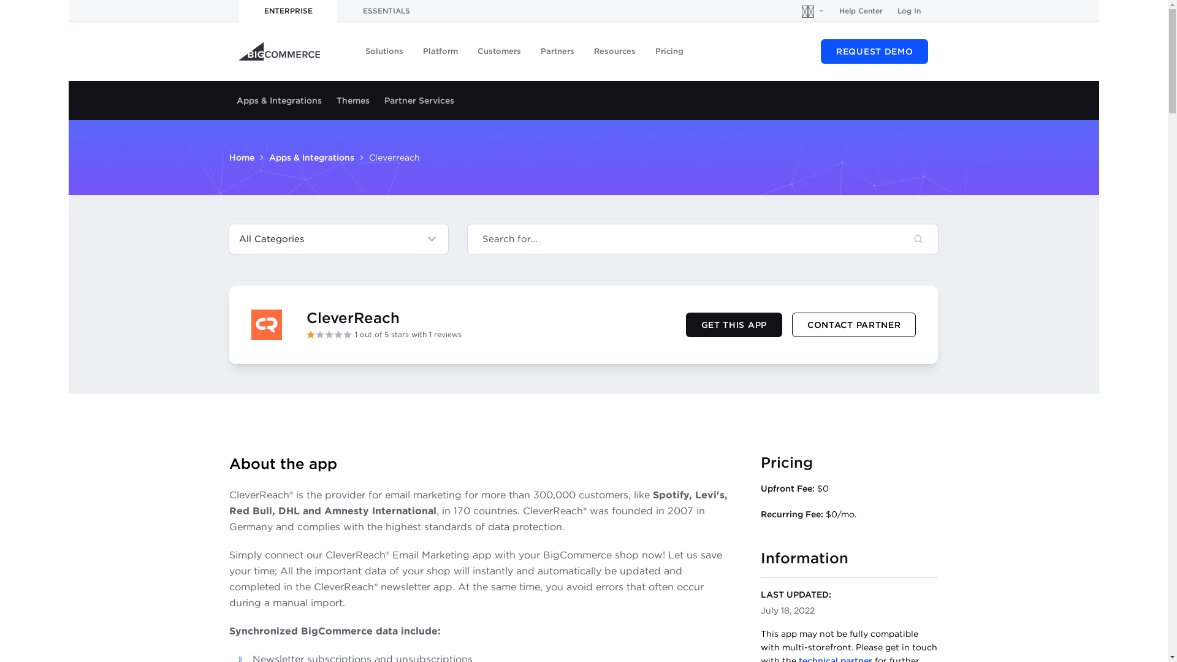 The width and height of the screenshot is (1177, 662). I want to click on 'Partner Services', so click(419, 100).